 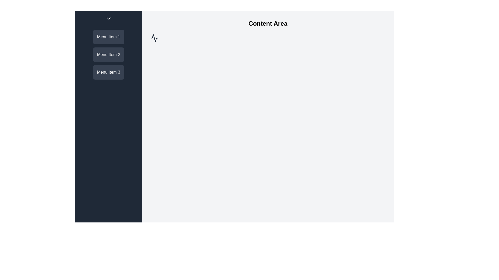 What do you see at coordinates (108, 18) in the screenshot?
I see `the downward-pointing chevron icon inside the circular button at the top-left corner of the sidebar` at bounding box center [108, 18].